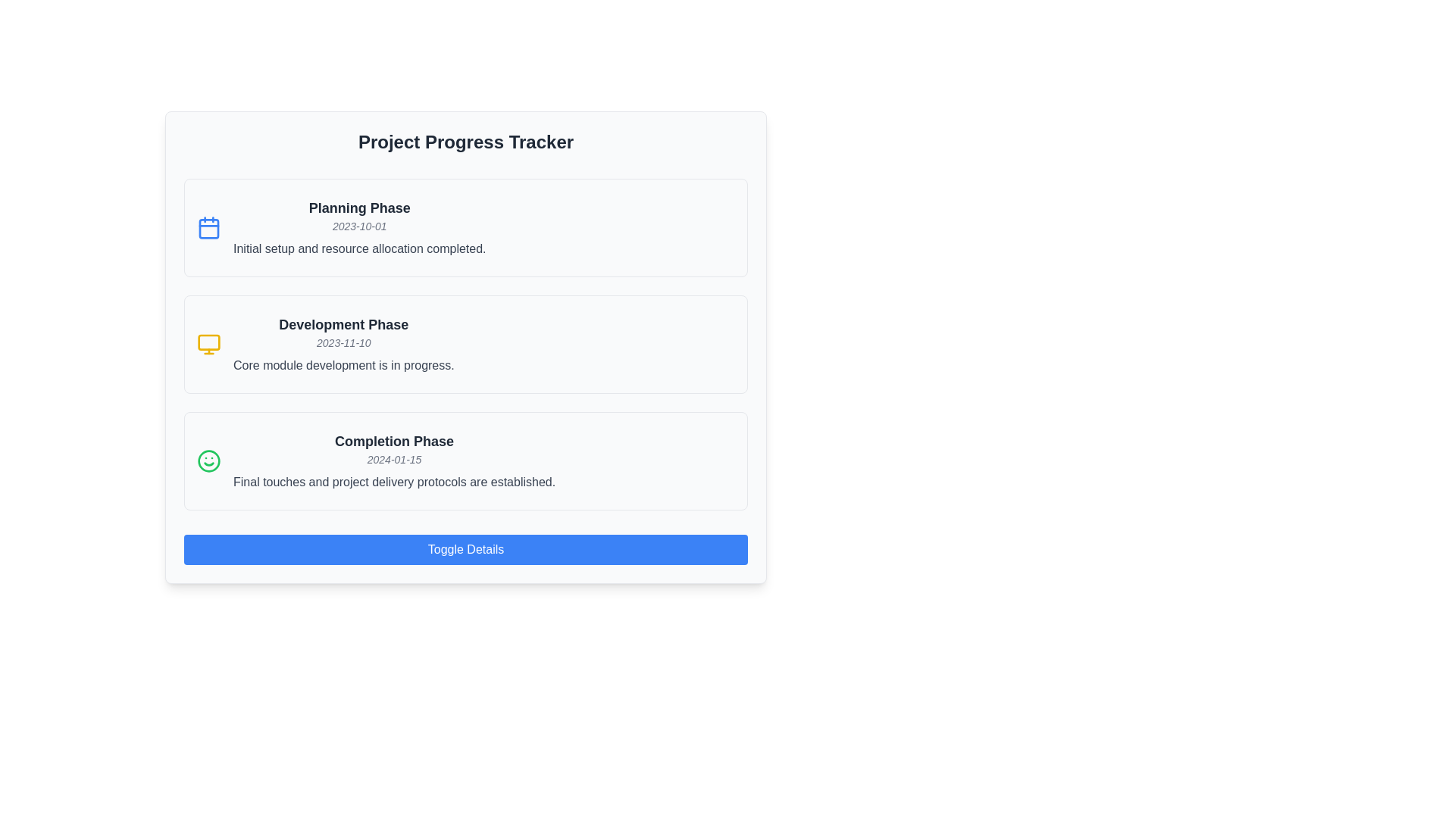 The height and width of the screenshot is (818, 1455). Describe the element at coordinates (343, 365) in the screenshot. I see `the static text element that provides additional information for the 'Development Phase' section, positioned below the title and date` at that location.